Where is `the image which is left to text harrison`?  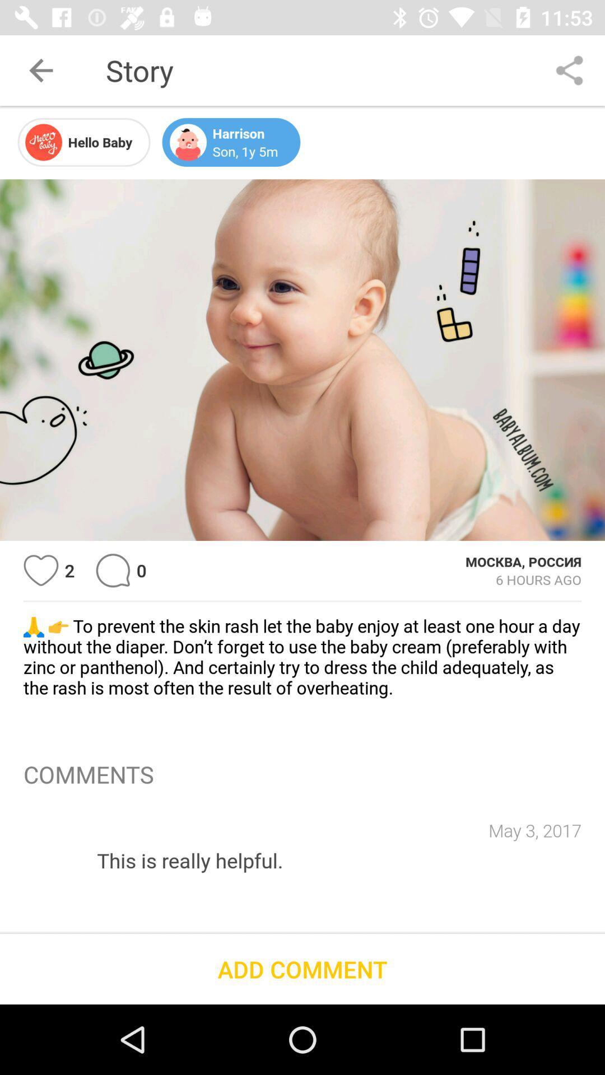
the image which is left to text harrison is located at coordinates (187, 142).